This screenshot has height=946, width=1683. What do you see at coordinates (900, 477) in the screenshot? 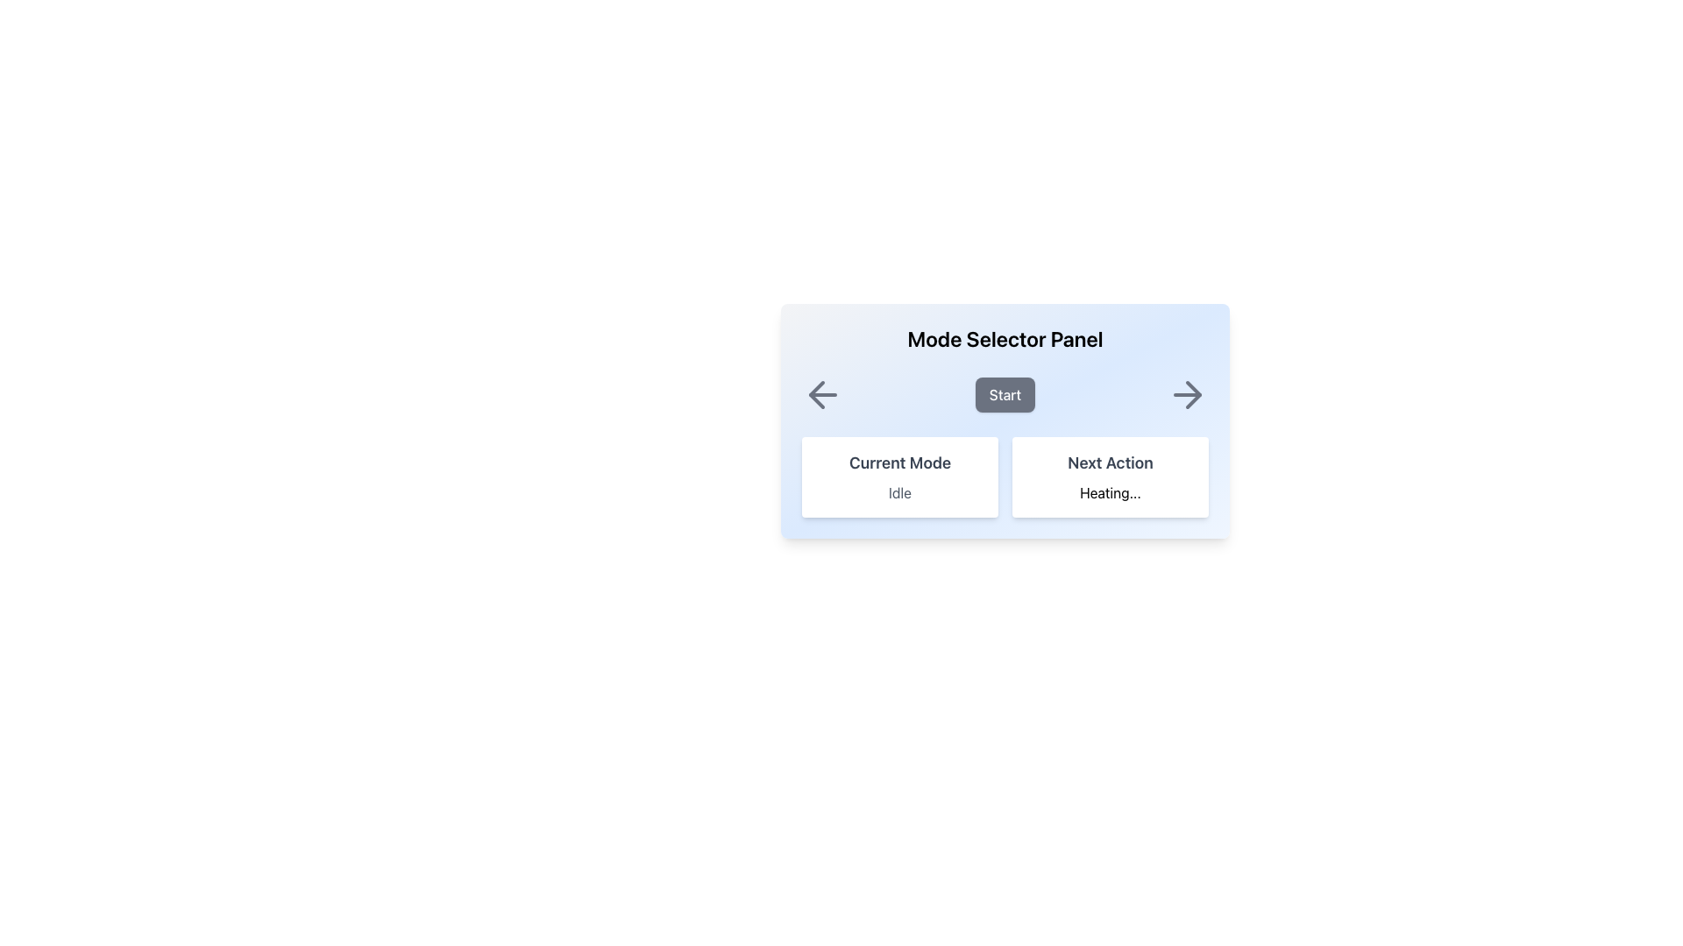
I see `the informational card labeled 'Current Mode', which features a white background and displays the heading 'Current Mode' in bold and the subtitle 'Idle'` at bounding box center [900, 477].